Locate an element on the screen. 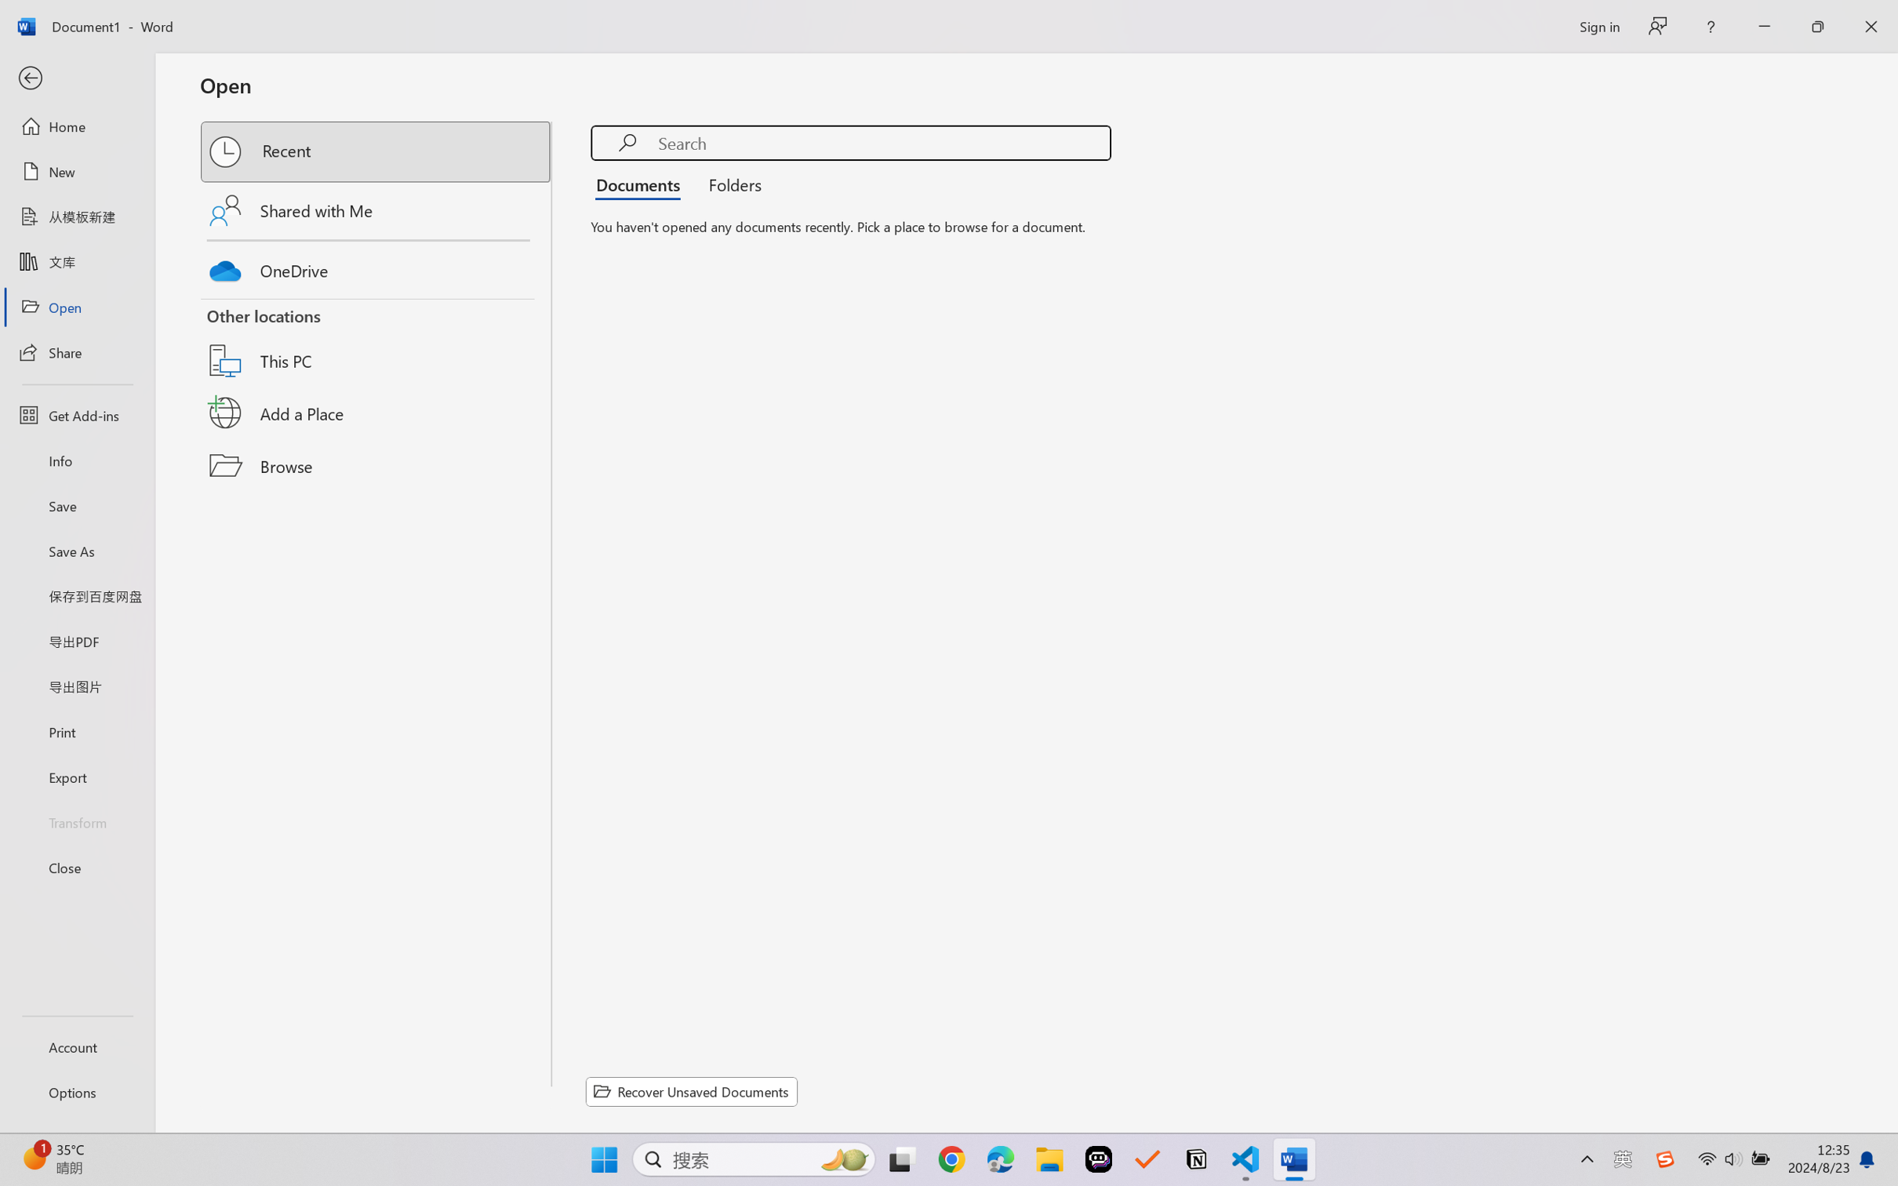  'Back' is located at coordinates (76, 78).